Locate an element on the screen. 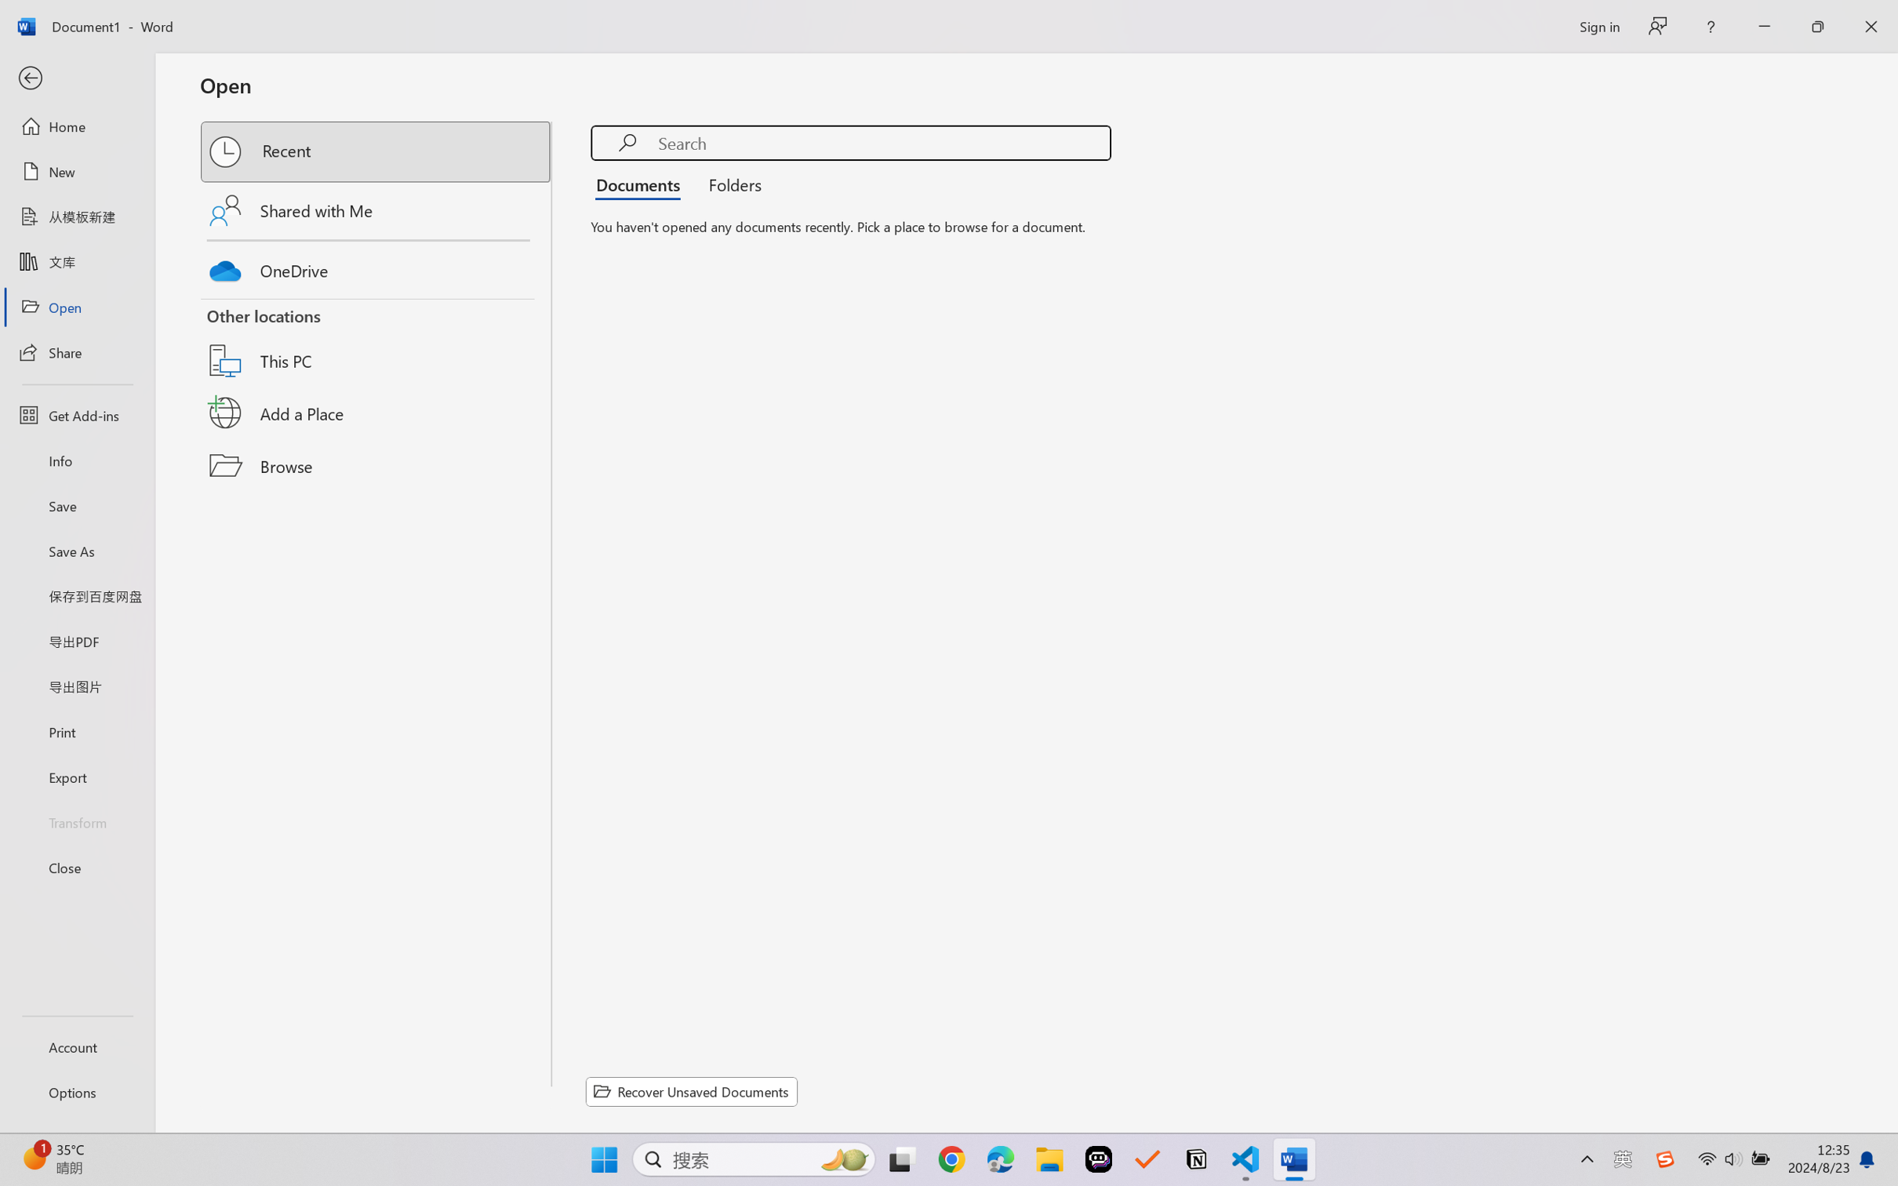  'Back' is located at coordinates (76, 78).